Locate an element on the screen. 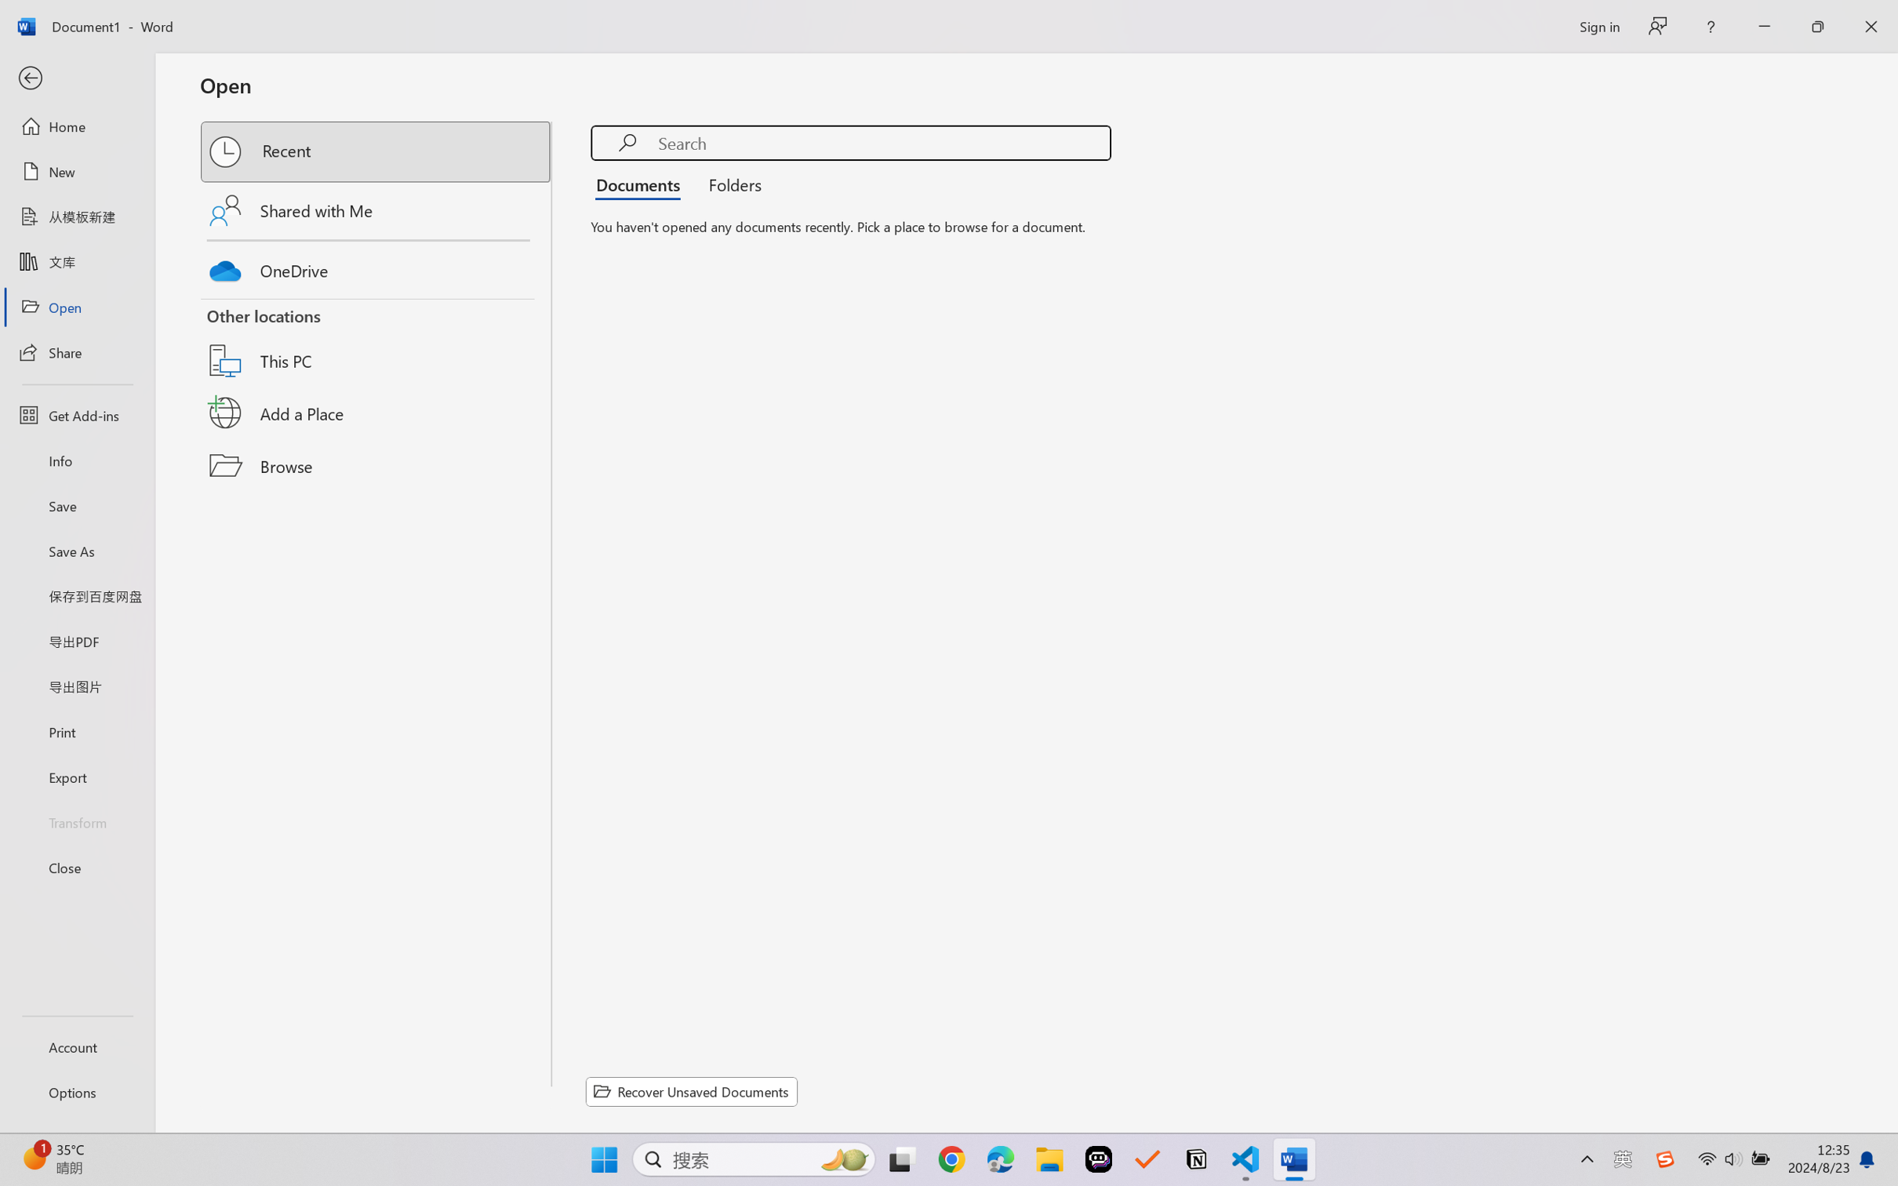  'Back' is located at coordinates (76, 78).